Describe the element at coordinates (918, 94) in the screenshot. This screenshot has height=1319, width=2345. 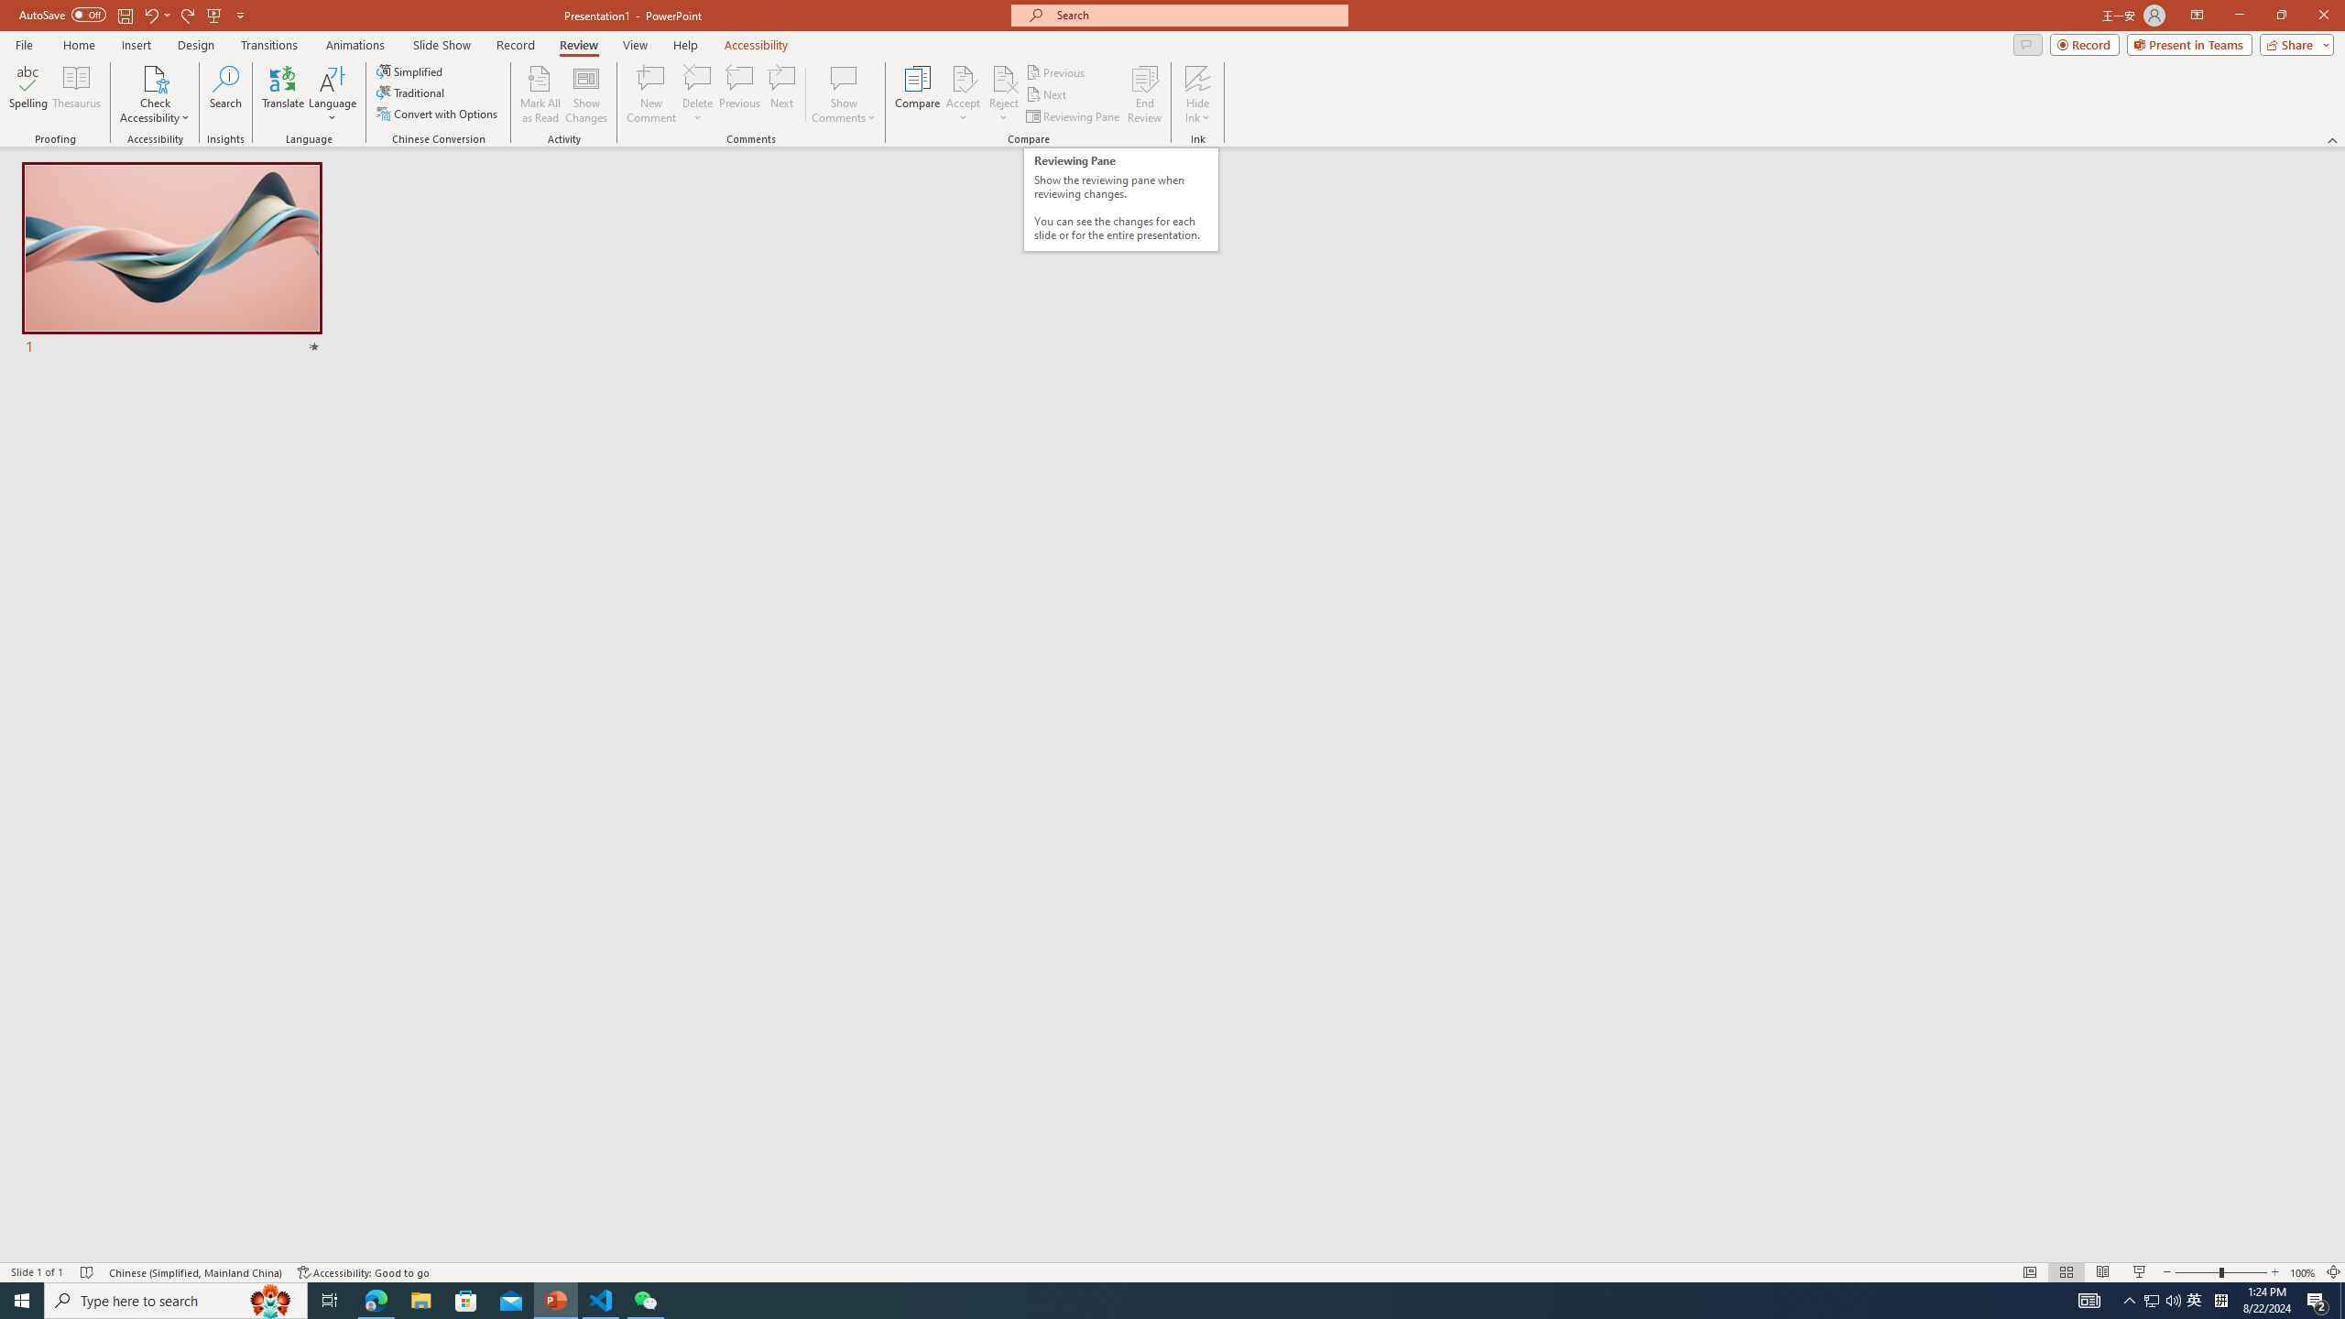
I see `'Compare'` at that location.